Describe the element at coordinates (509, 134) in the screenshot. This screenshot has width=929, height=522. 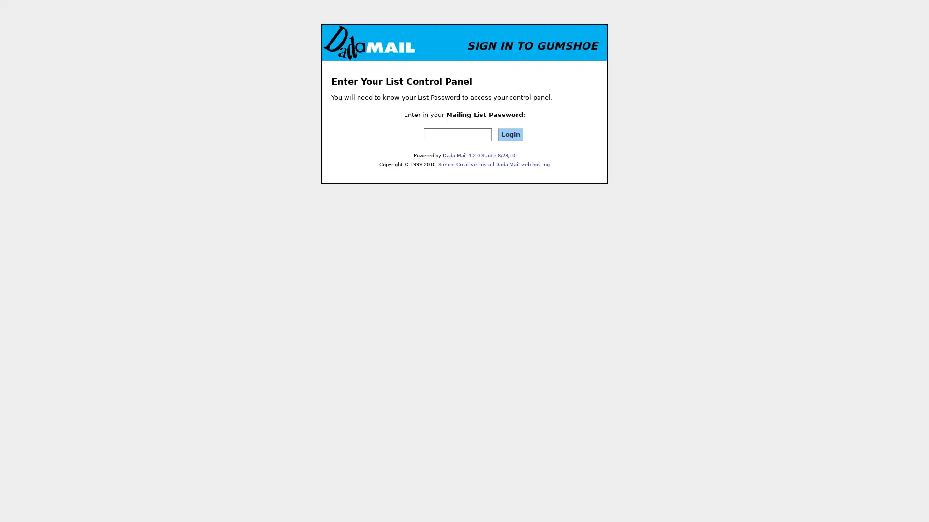
I see `Login` at that location.